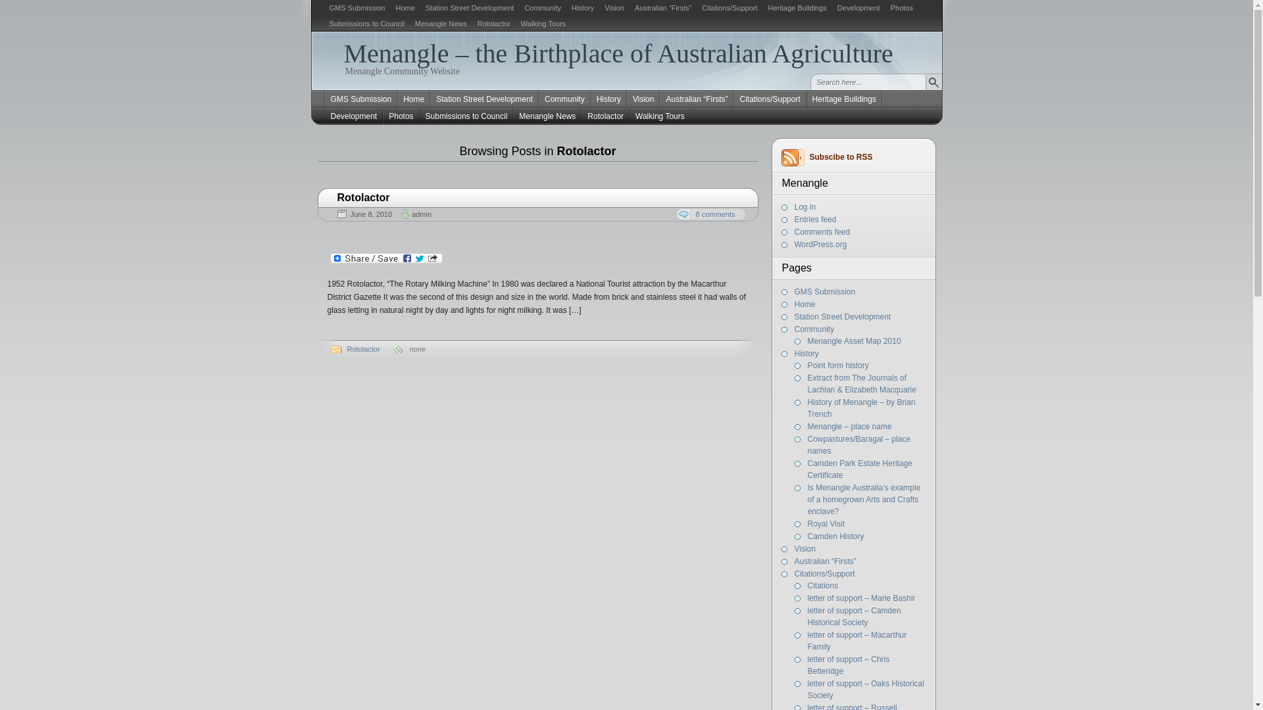 This screenshot has width=1263, height=710. Describe the element at coordinates (822, 231) in the screenshot. I see `'Comments feed'` at that location.